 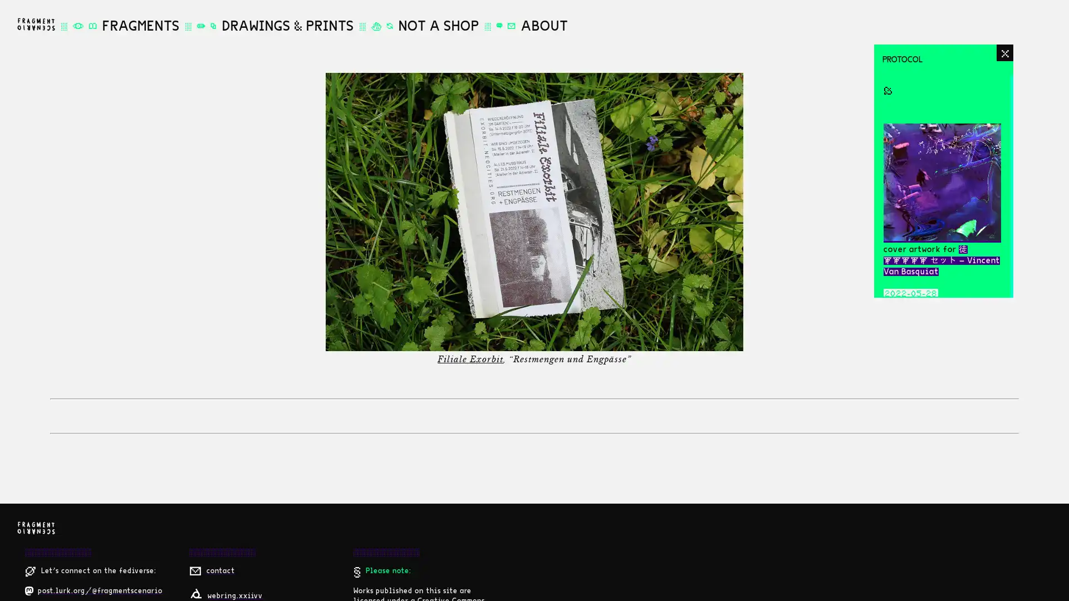 I want to click on Close, so click(x=1004, y=53).